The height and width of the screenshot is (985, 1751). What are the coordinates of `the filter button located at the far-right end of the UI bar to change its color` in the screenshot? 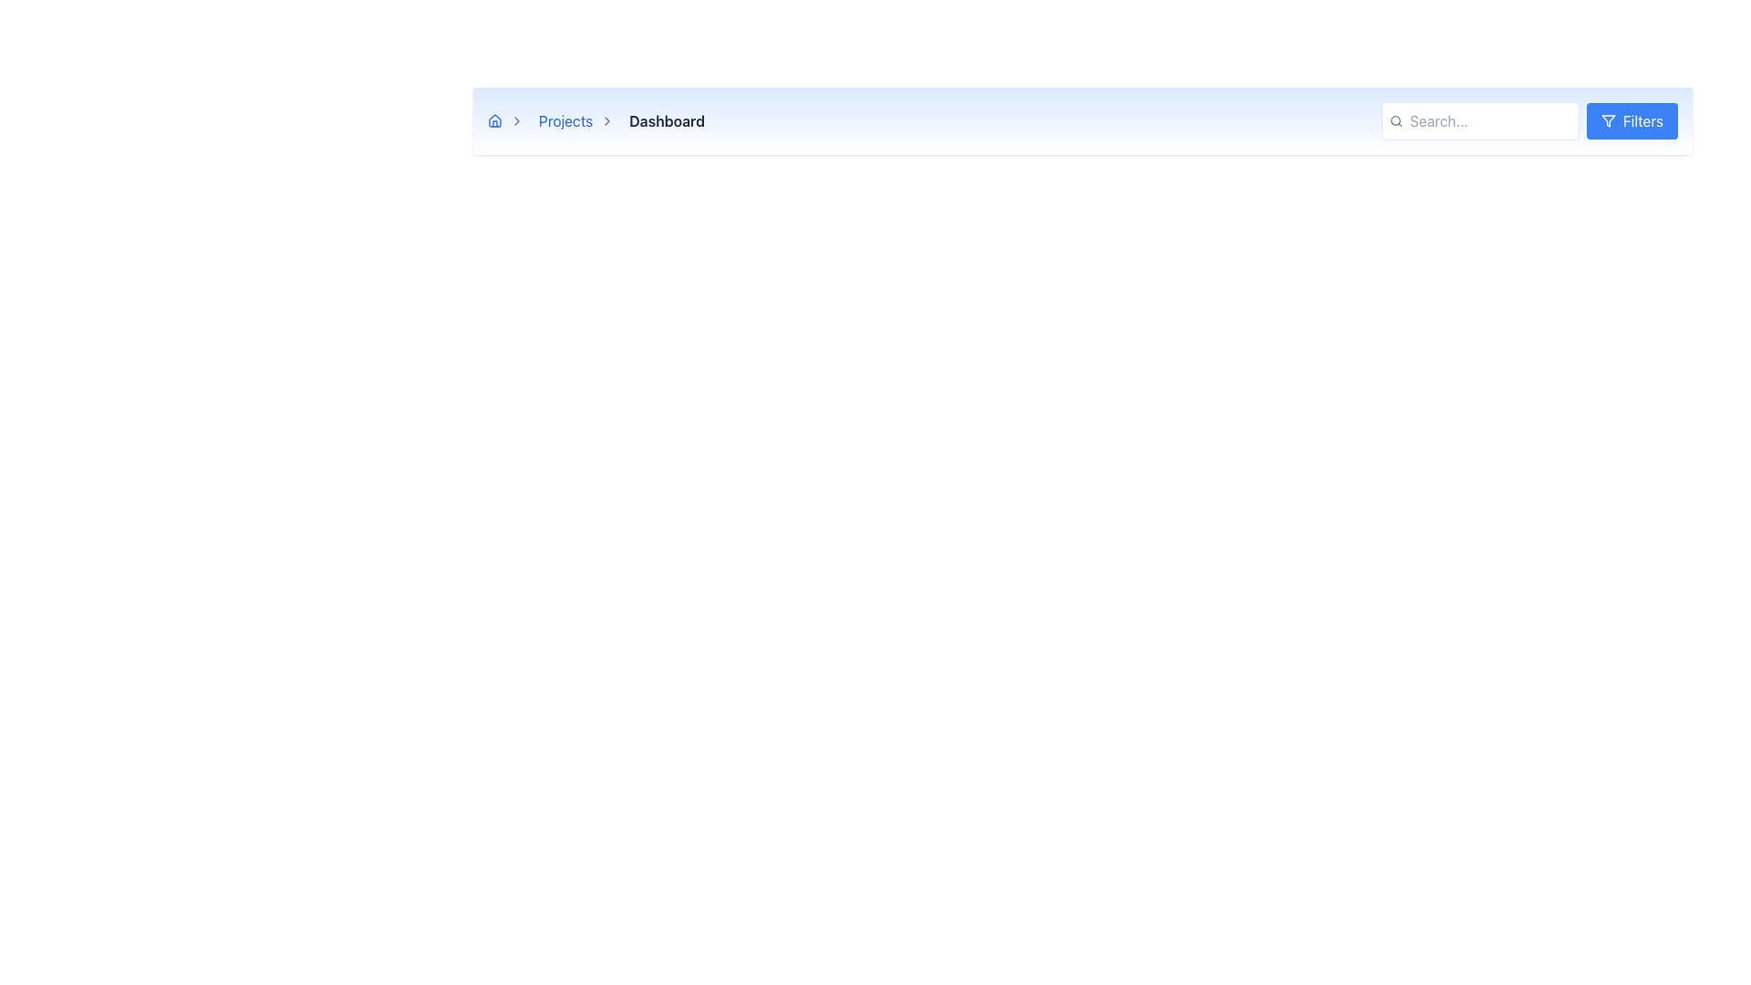 It's located at (1632, 120).